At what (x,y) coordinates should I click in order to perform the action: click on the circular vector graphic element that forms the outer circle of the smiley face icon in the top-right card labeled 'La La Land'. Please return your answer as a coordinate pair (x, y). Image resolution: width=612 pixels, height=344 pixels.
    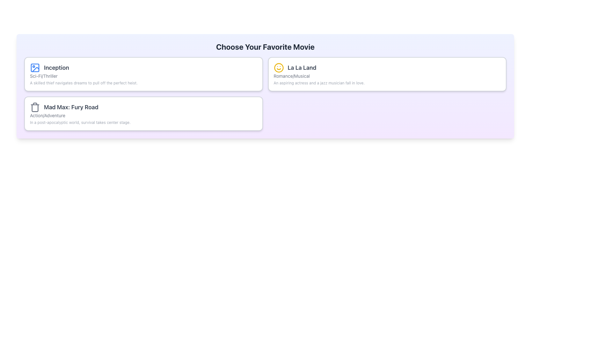
    Looking at the image, I should click on (279, 68).